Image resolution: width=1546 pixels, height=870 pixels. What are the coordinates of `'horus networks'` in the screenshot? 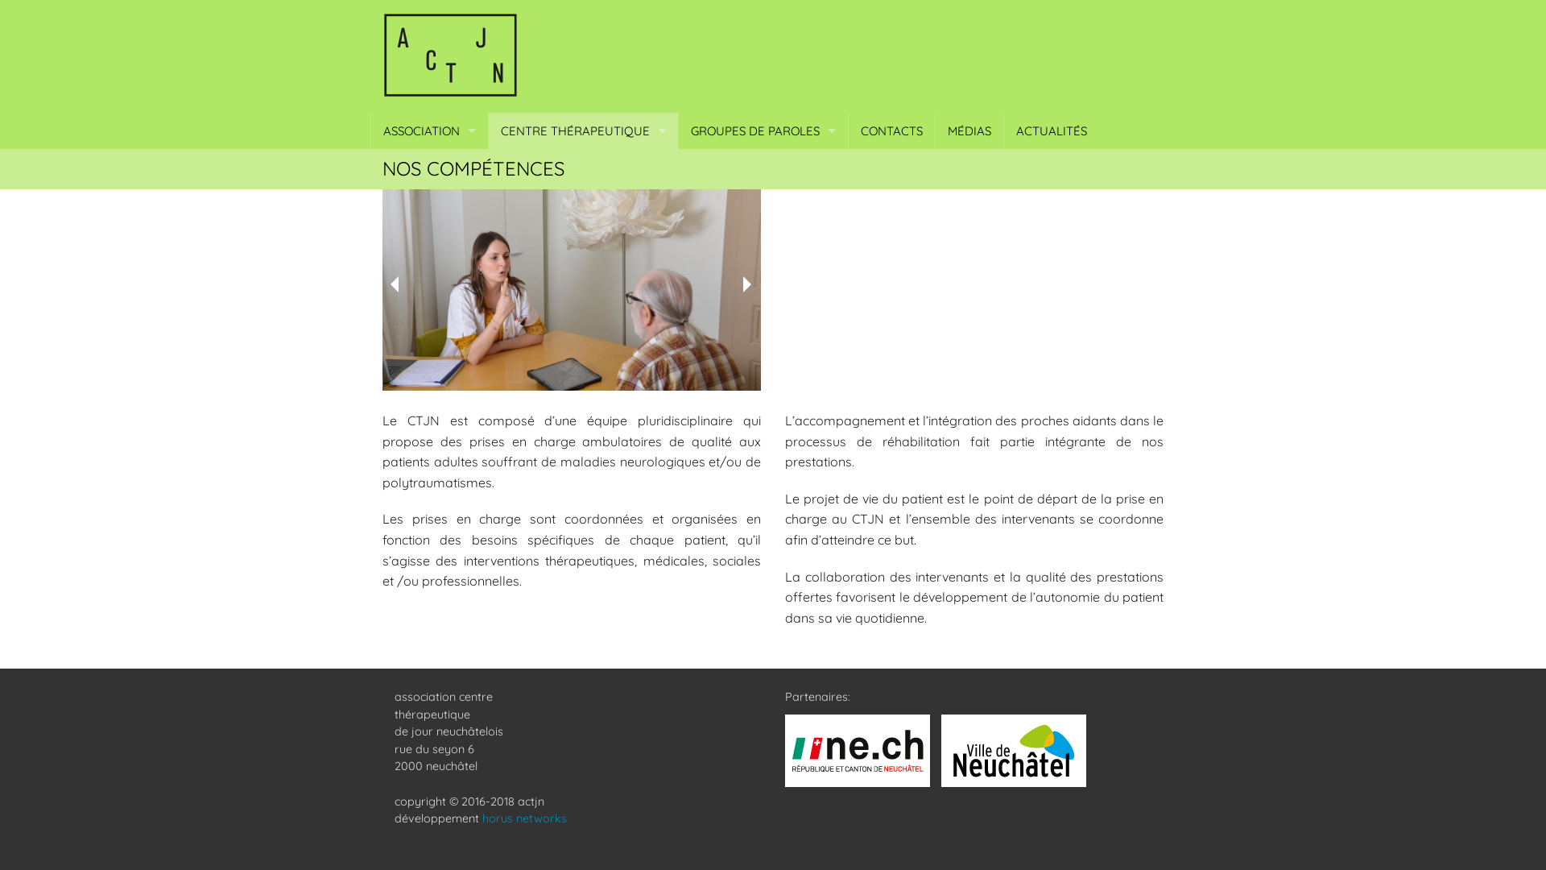 It's located at (524, 818).